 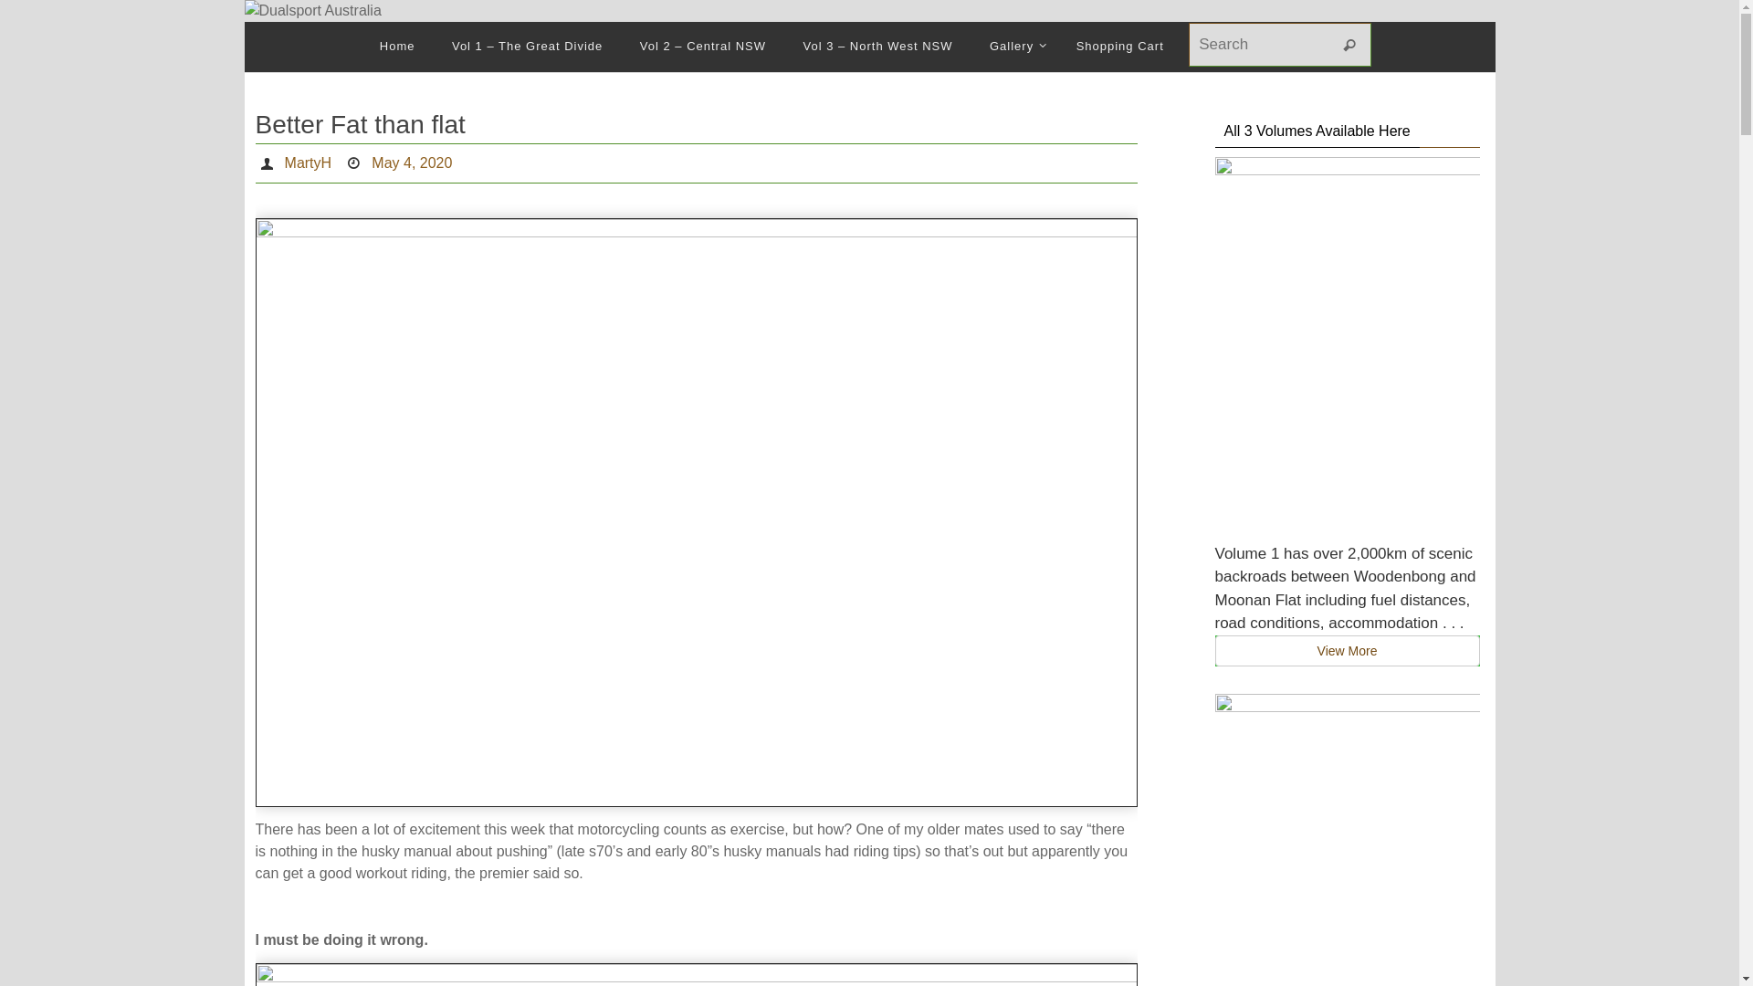 What do you see at coordinates (396, 46) in the screenshot?
I see `'Home'` at bounding box center [396, 46].